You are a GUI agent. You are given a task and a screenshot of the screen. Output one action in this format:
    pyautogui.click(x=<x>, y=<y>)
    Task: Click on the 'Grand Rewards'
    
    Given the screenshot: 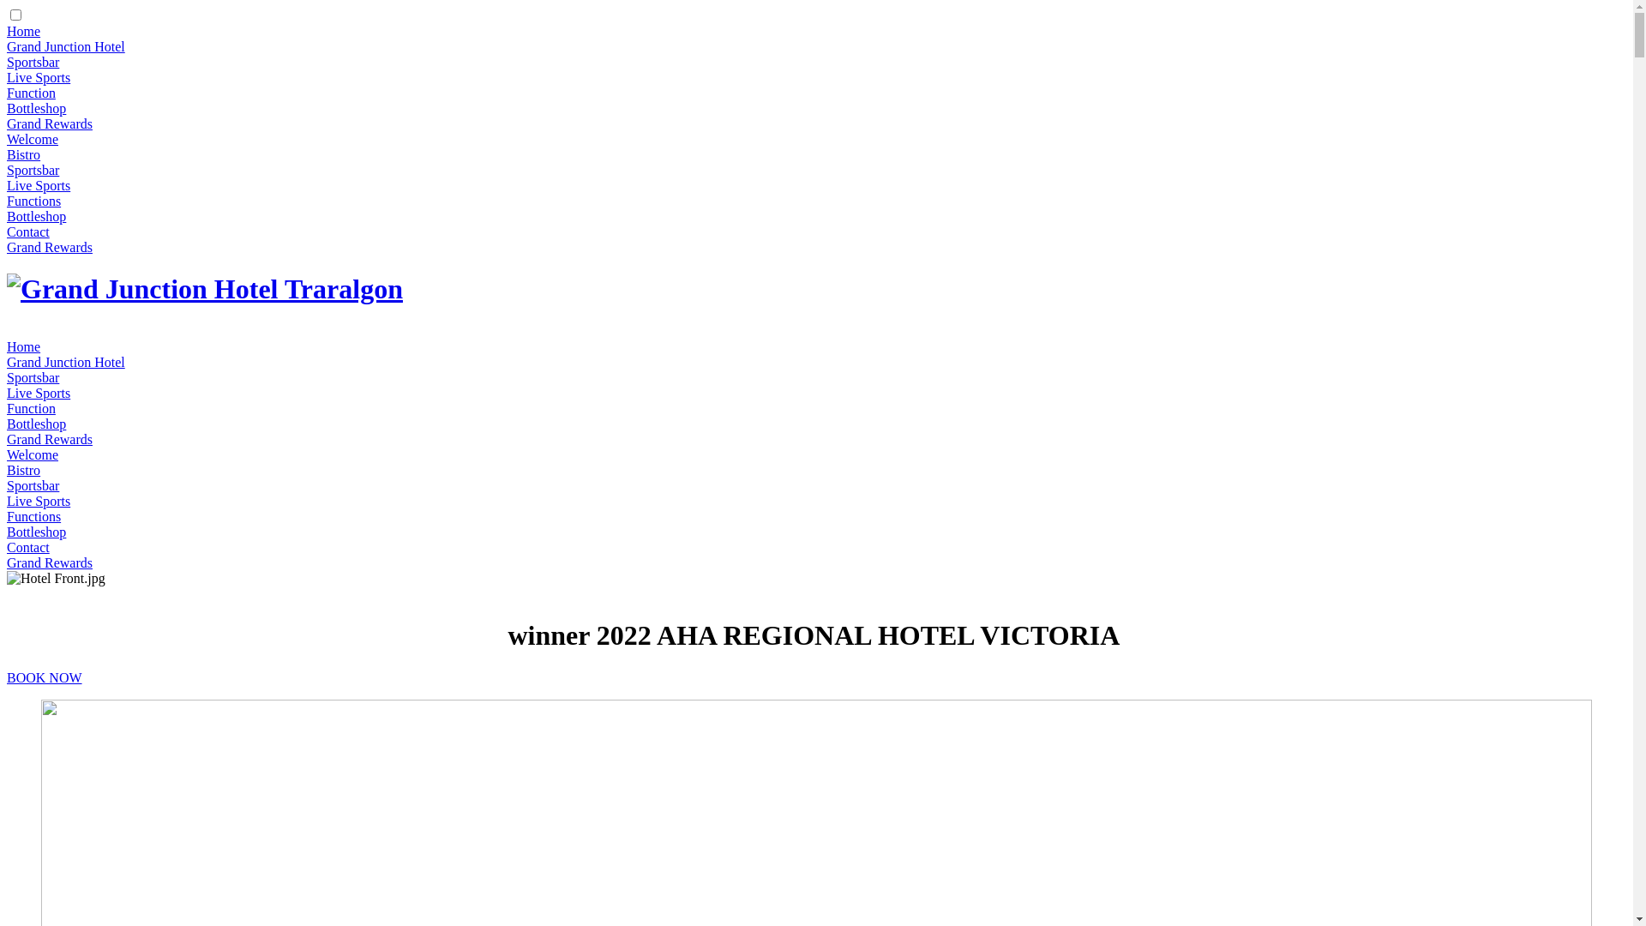 What is the action you would take?
    pyautogui.click(x=49, y=247)
    